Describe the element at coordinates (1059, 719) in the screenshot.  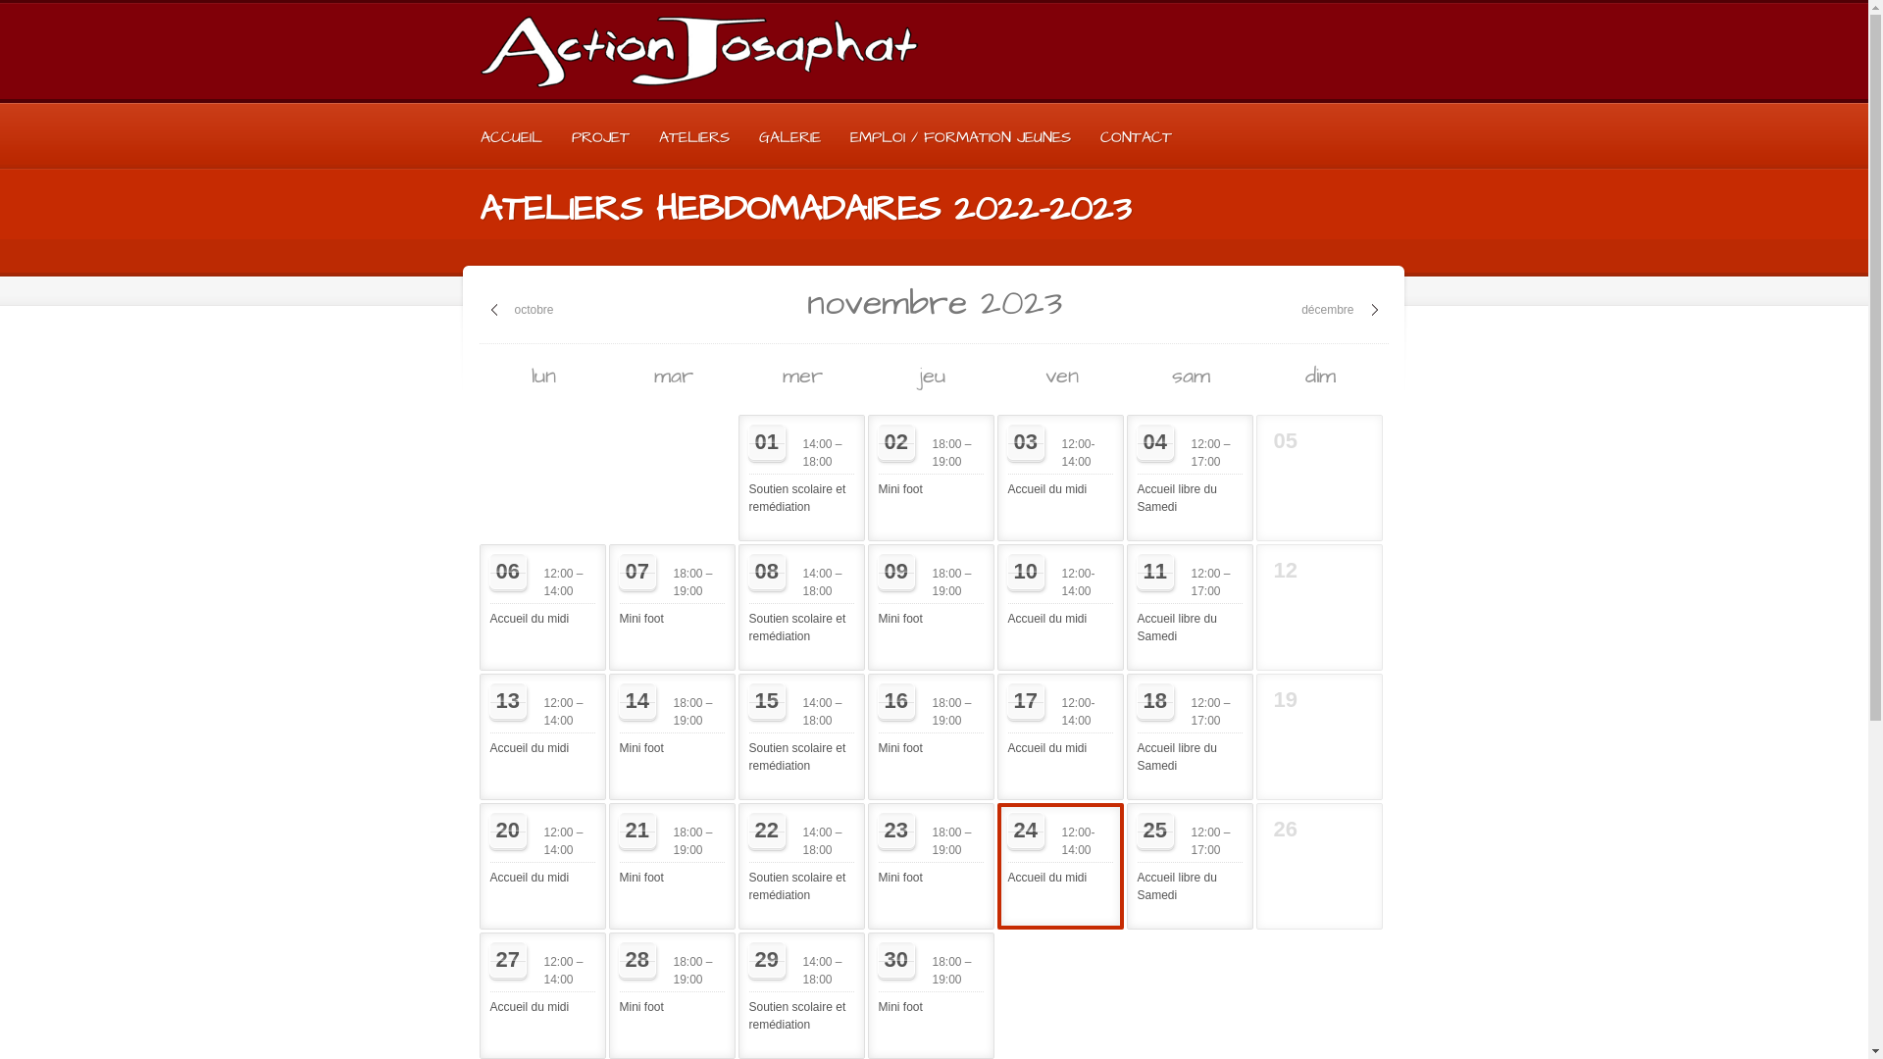
I see `'12:00-14:00` at that location.